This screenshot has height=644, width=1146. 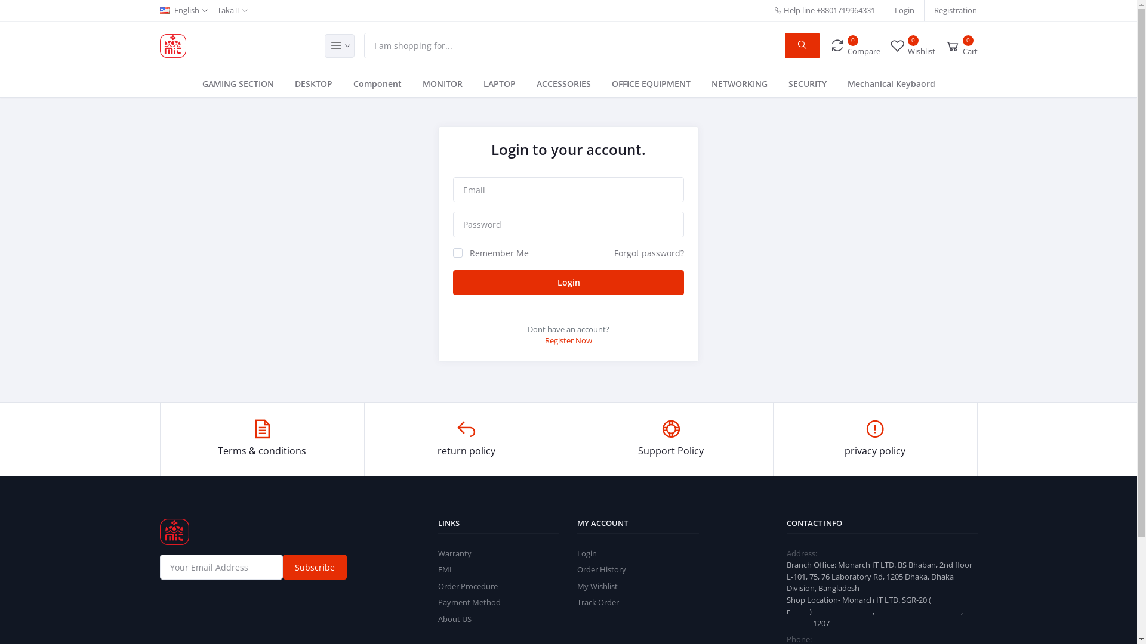 I want to click on 'My Wishlist', so click(x=577, y=586).